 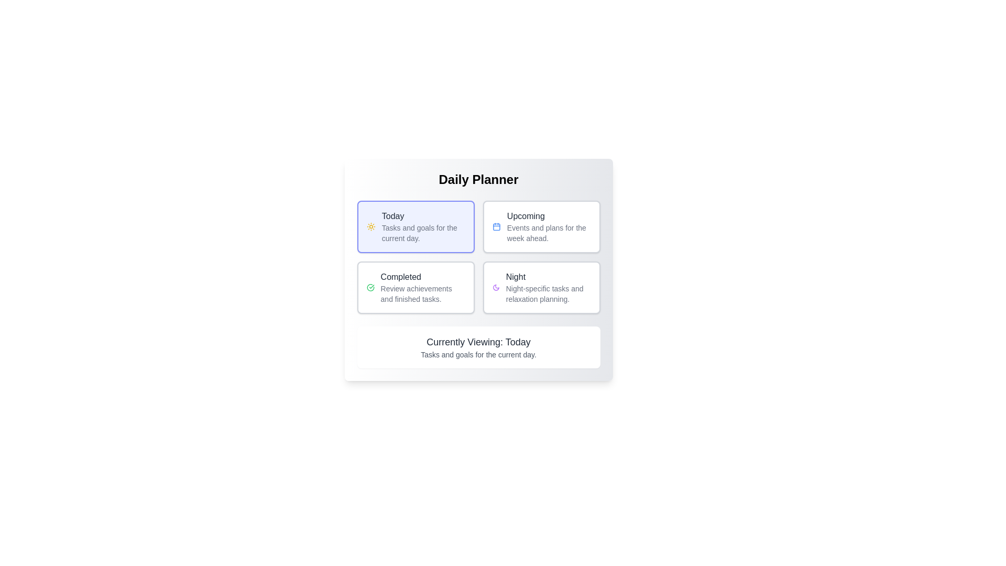 What do you see at coordinates (495, 287) in the screenshot?
I see `the moon-shaped icon with a purple color located in the bottom-right area of the 'Night' card` at bounding box center [495, 287].